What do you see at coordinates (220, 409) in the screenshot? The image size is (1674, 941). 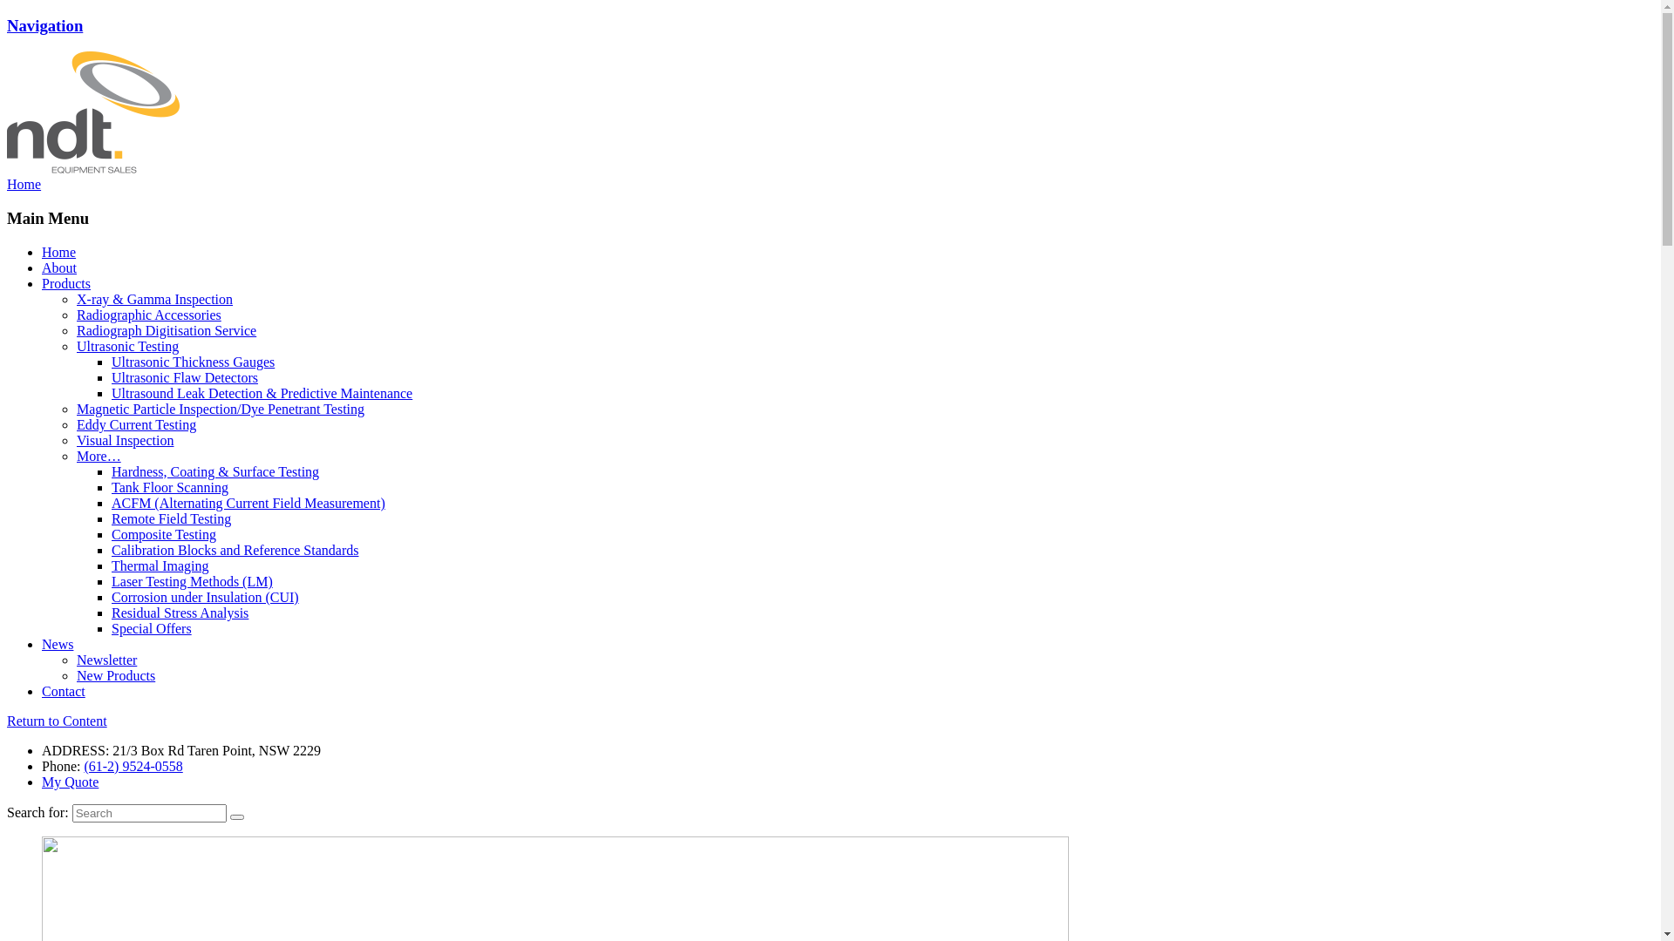 I see `'Magnetic Particle Inspection/Dye Penetrant Testing'` at bounding box center [220, 409].